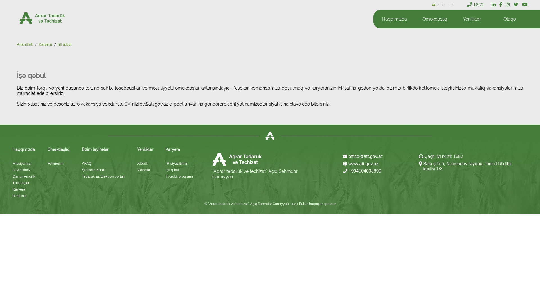  Describe the element at coordinates (453, 4) in the screenshot. I see `'ru'` at that location.